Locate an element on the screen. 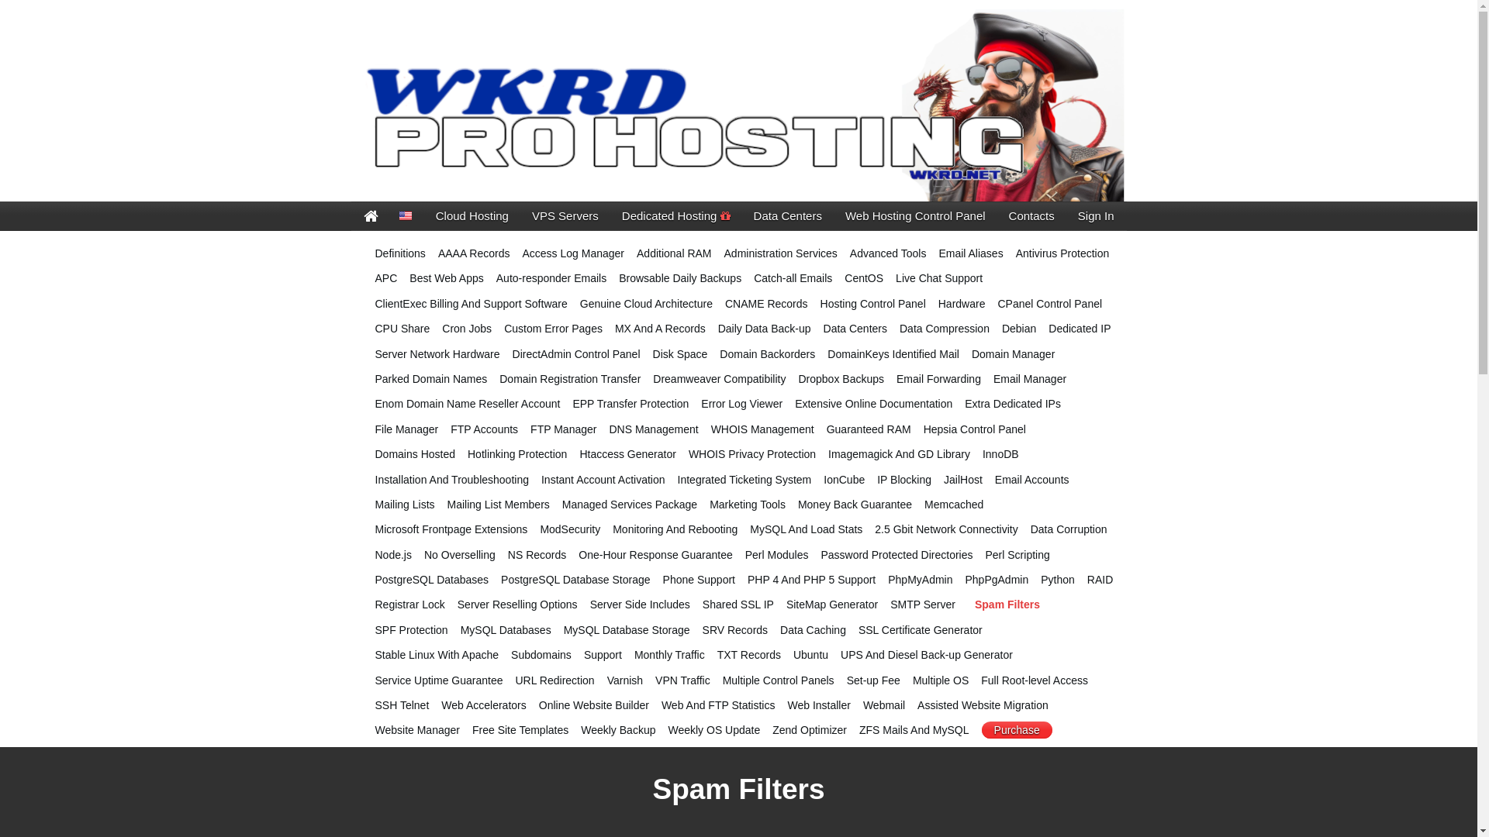  'SRV Records' is located at coordinates (702, 630).